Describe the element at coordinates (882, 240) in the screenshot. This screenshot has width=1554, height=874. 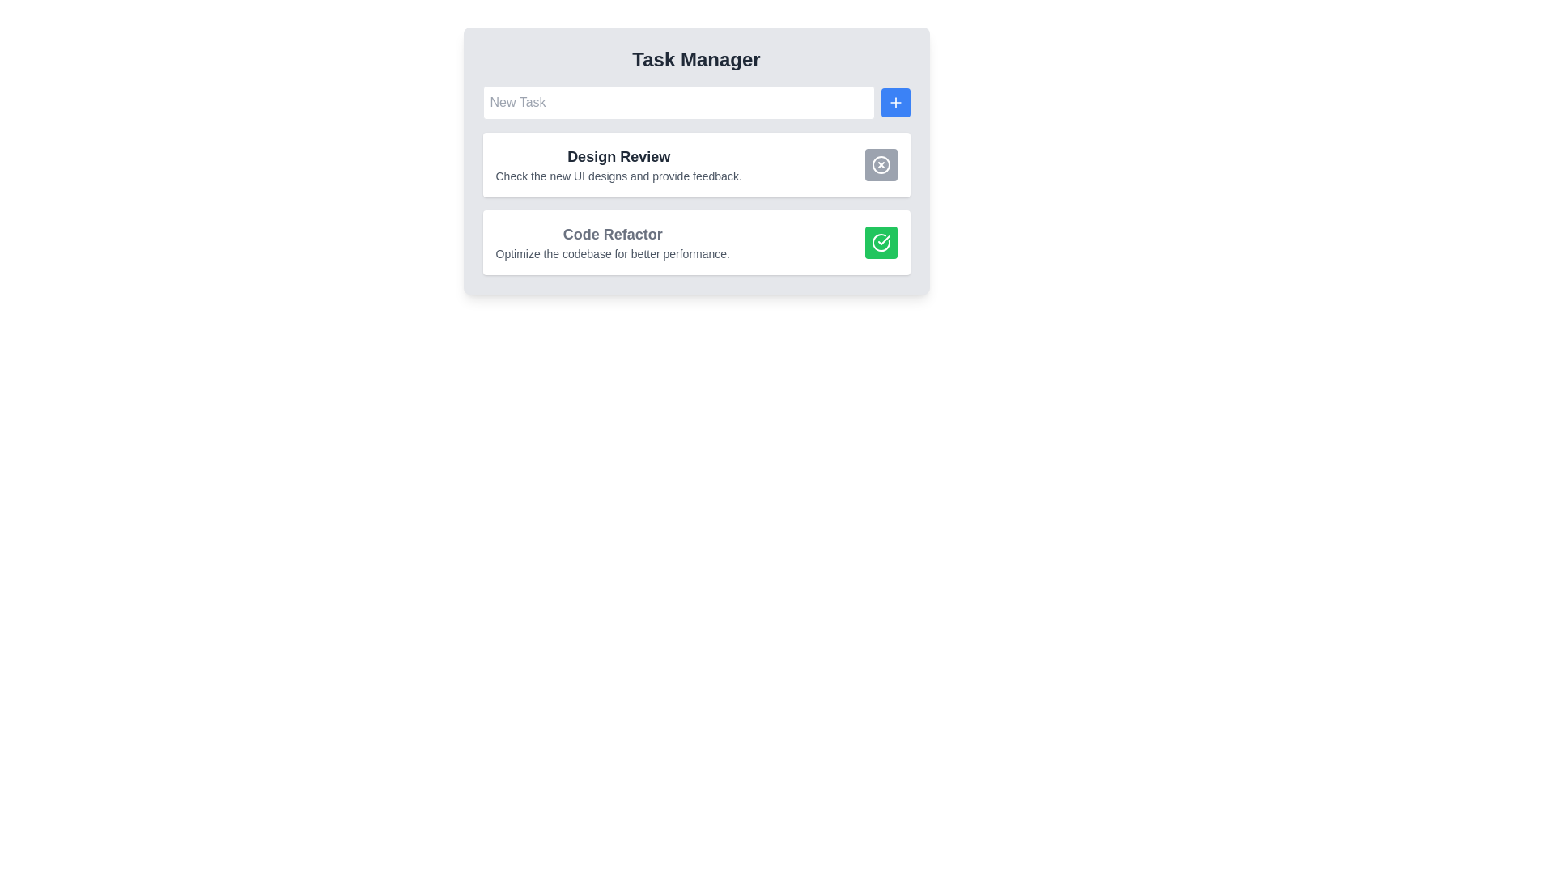
I see `the check mark icon within a green circular background, located in the 'Code Refactor' task item at the bottom of the task list` at that location.